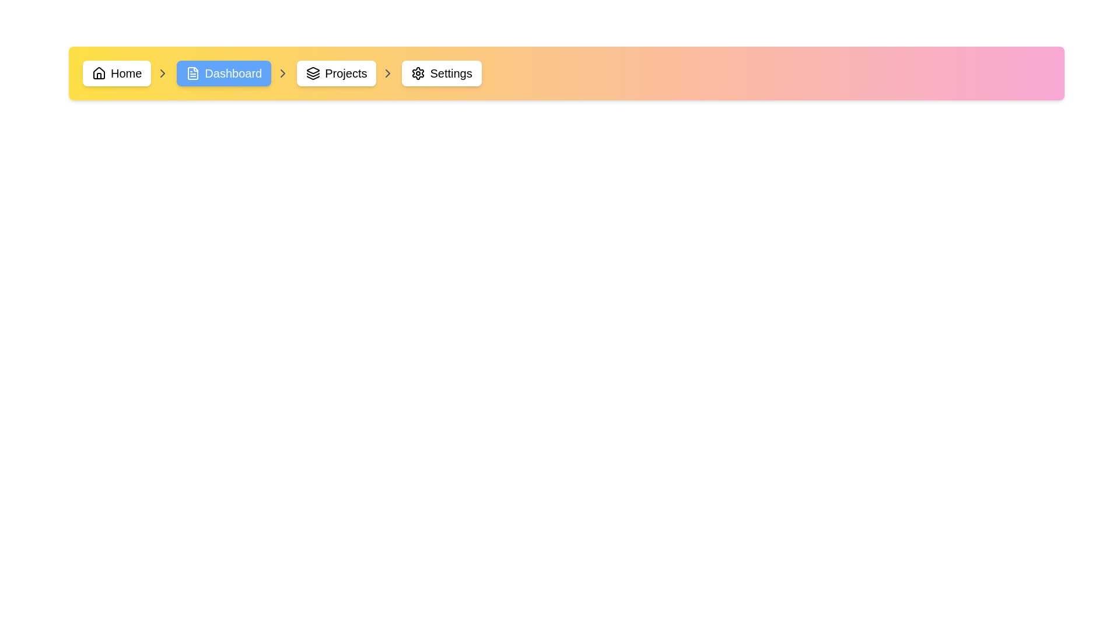  I want to click on the 'Projects' button in the breadcrumb navigation bar, so click(336, 73).